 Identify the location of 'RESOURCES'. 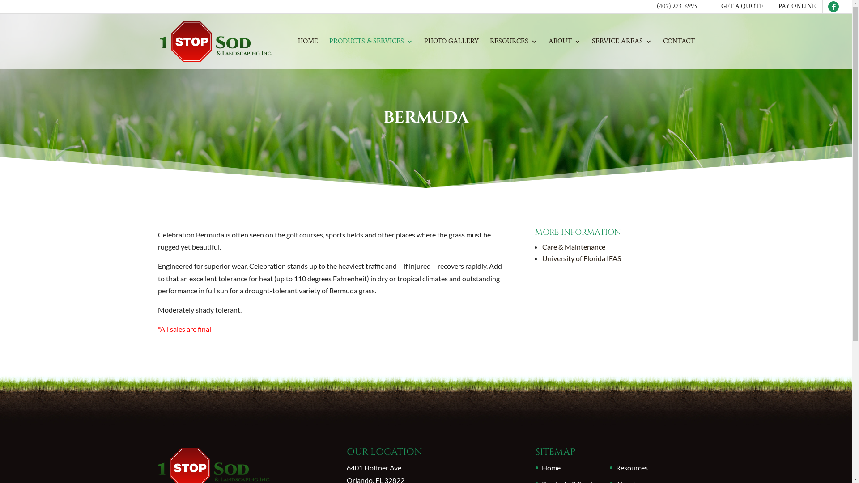
(513, 54).